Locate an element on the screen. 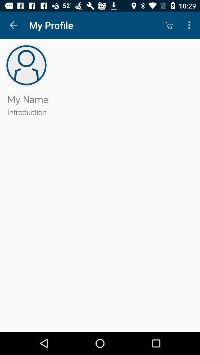  the app to the left of my profile icon is located at coordinates (13, 25).